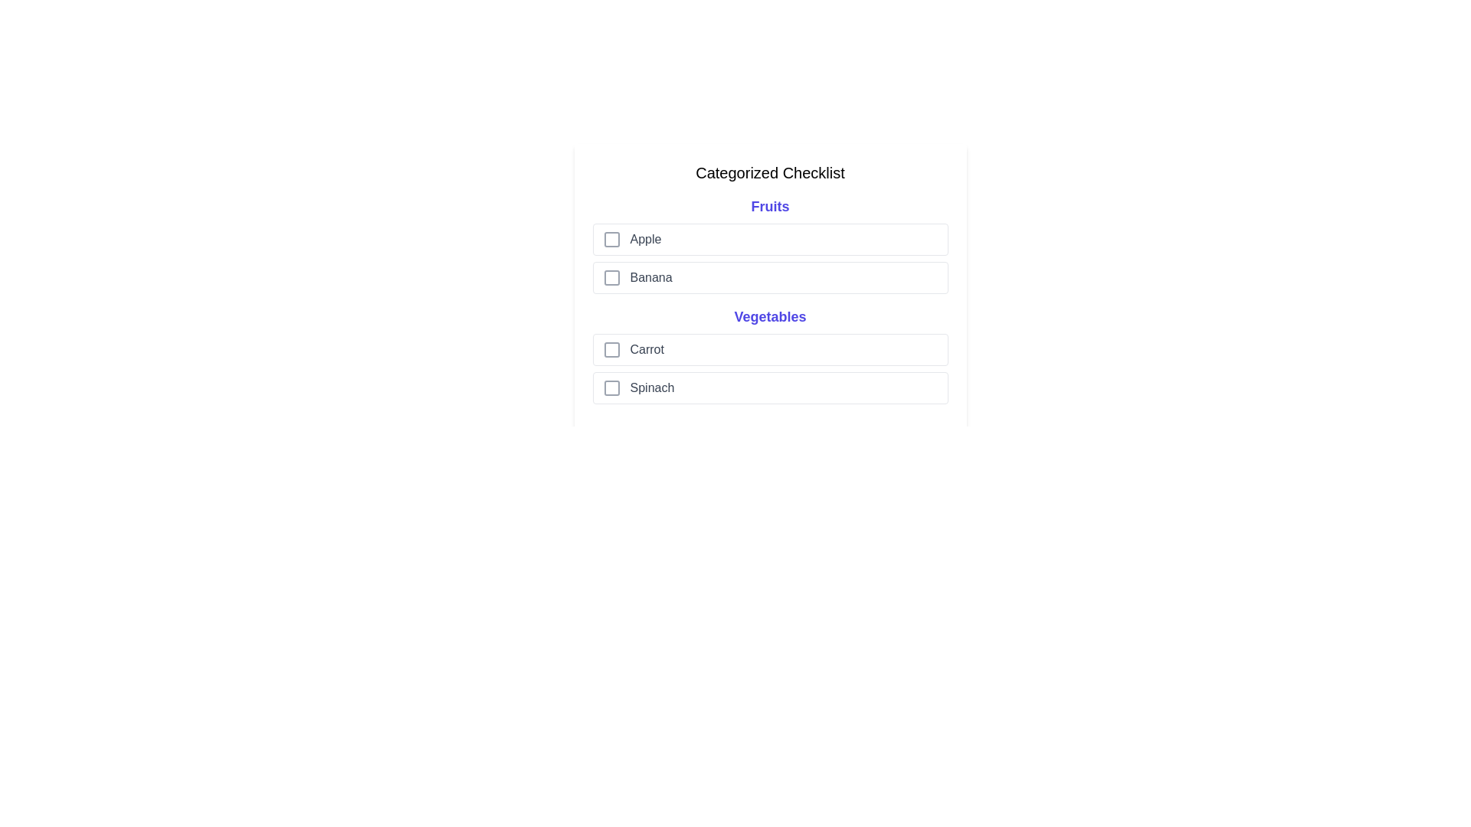 The width and height of the screenshot is (1471, 827). Describe the element at coordinates (770, 315) in the screenshot. I see `the 'Vegetables' text label, which is styled in large bold indigo font and serves as the title header above the list of items` at that location.